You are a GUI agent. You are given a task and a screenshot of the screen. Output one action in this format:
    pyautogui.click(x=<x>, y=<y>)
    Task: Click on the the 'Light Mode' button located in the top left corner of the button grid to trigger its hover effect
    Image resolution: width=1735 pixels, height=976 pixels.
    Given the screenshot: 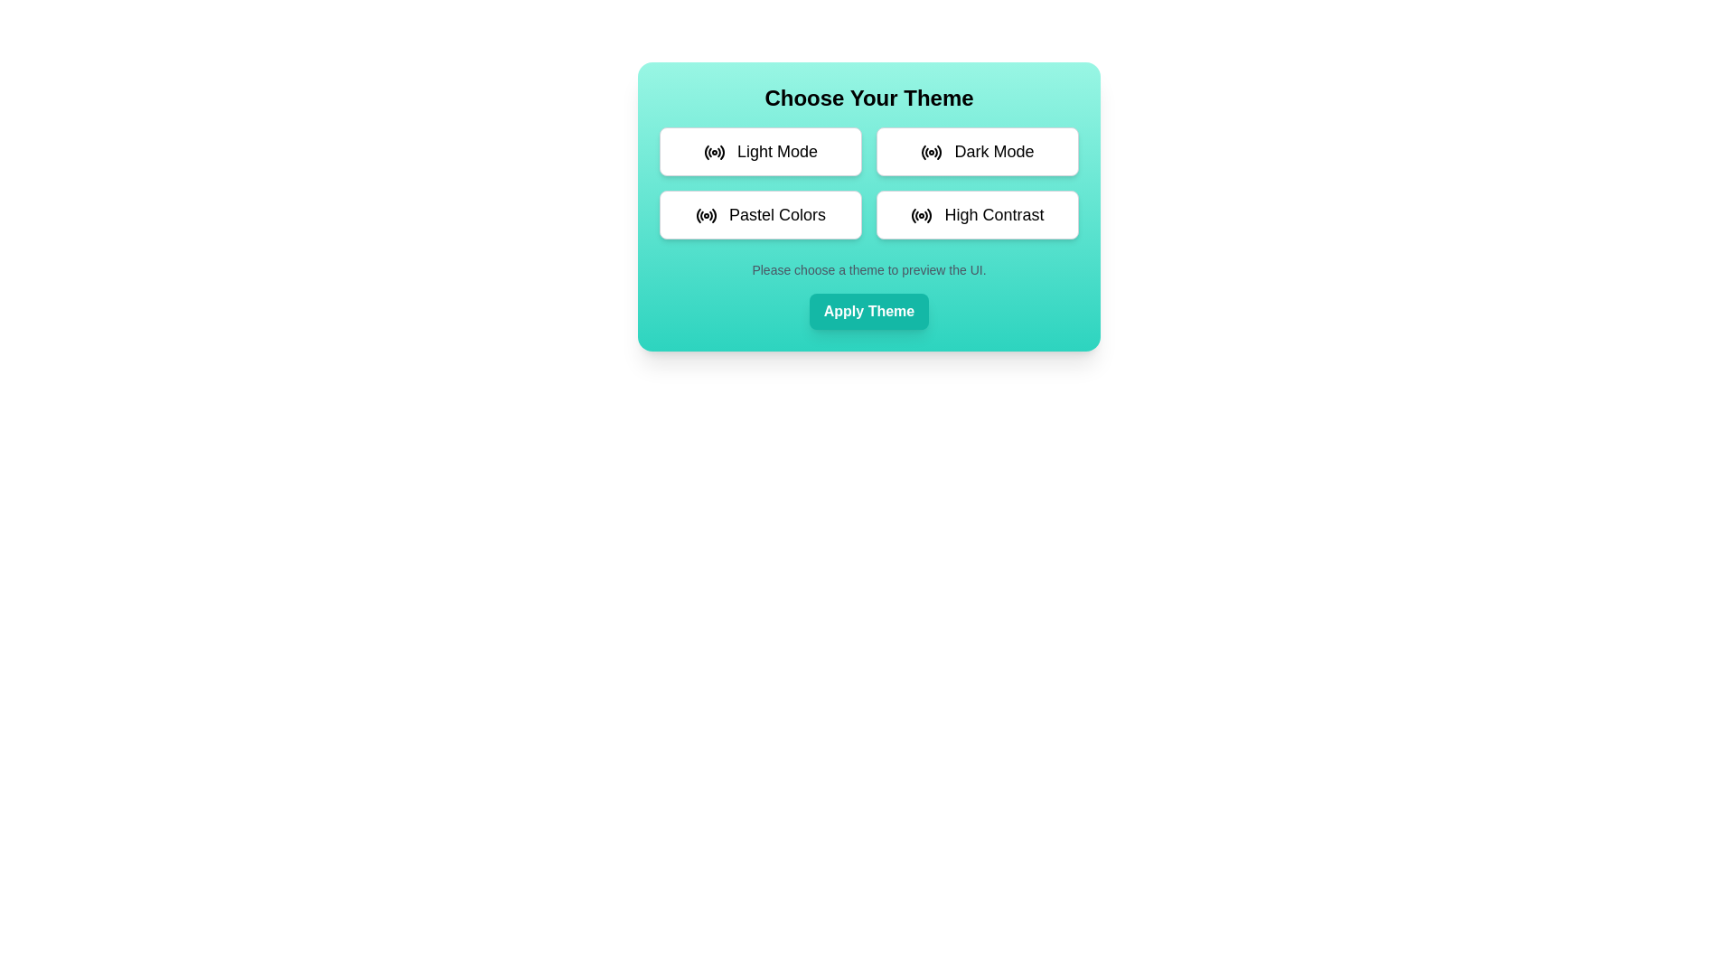 What is the action you would take?
    pyautogui.click(x=760, y=151)
    